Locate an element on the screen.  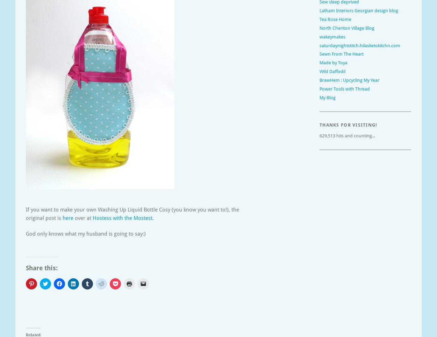
'Tea Rose Home' is located at coordinates (320, 19).